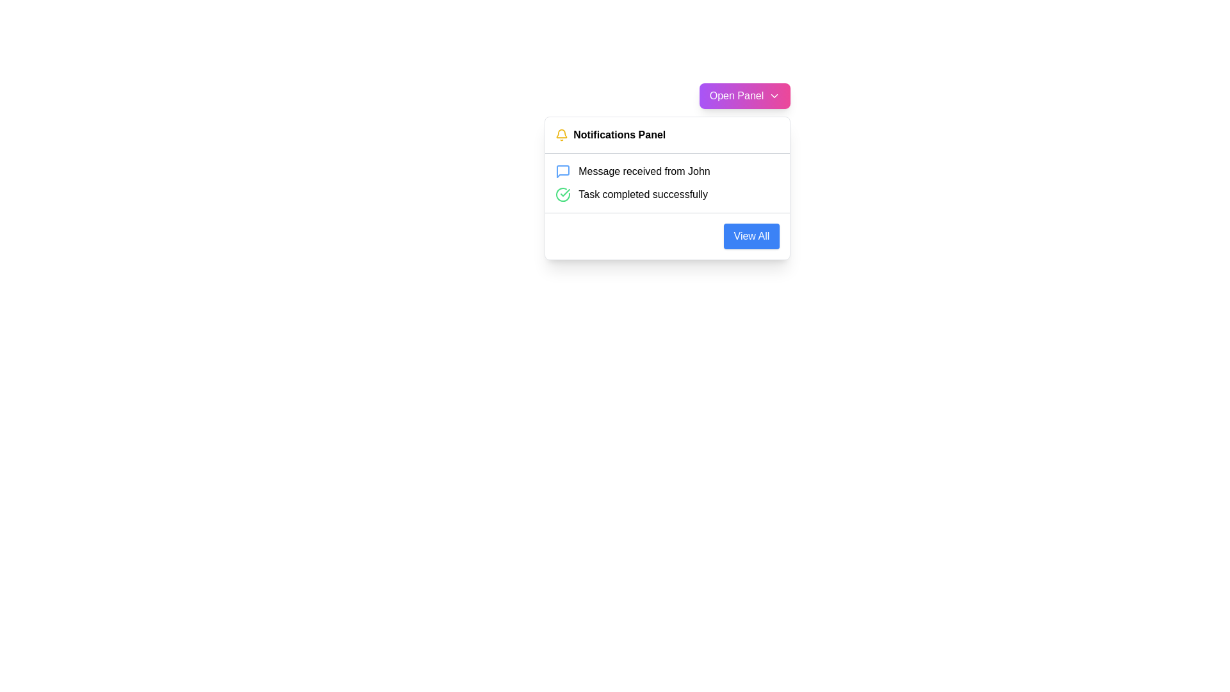 The image size is (1230, 692). Describe the element at coordinates (774, 95) in the screenshot. I see `the chevron indicator located inside the 'Open Panel' button` at that location.